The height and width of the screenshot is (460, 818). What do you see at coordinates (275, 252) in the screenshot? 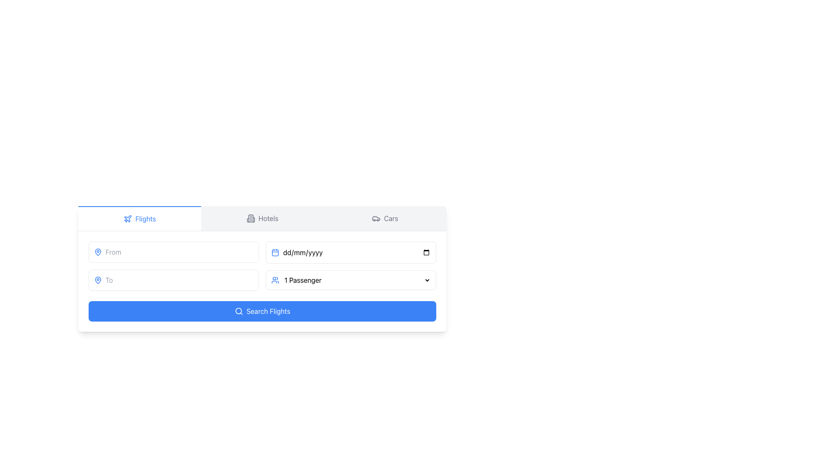
I see `the small rectangle with rounded corners that forms the main body of the blue calendar icon, located to the left of the date input field marked 'dd/mm/yyyy'` at bounding box center [275, 252].